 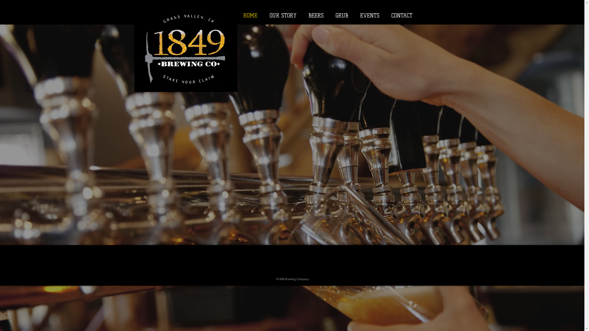 What do you see at coordinates (282, 15) in the screenshot?
I see `'OUR STORY'` at bounding box center [282, 15].